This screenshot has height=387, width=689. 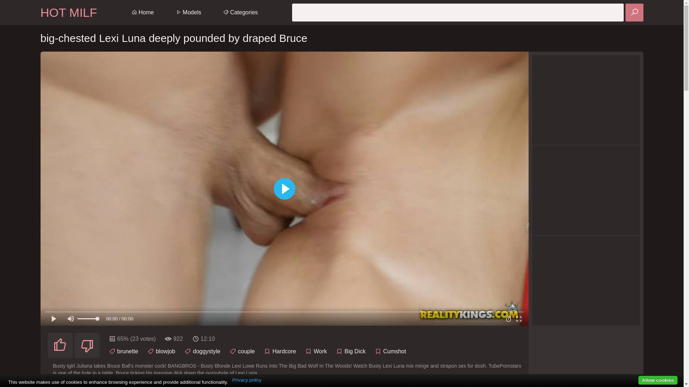 I want to click on 'Work', so click(x=320, y=351).